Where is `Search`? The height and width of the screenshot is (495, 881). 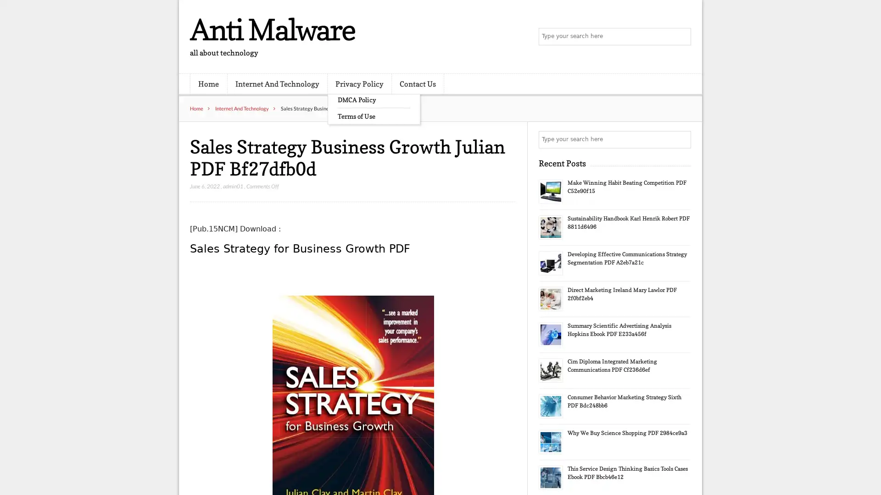
Search is located at coordinates (681, 139).